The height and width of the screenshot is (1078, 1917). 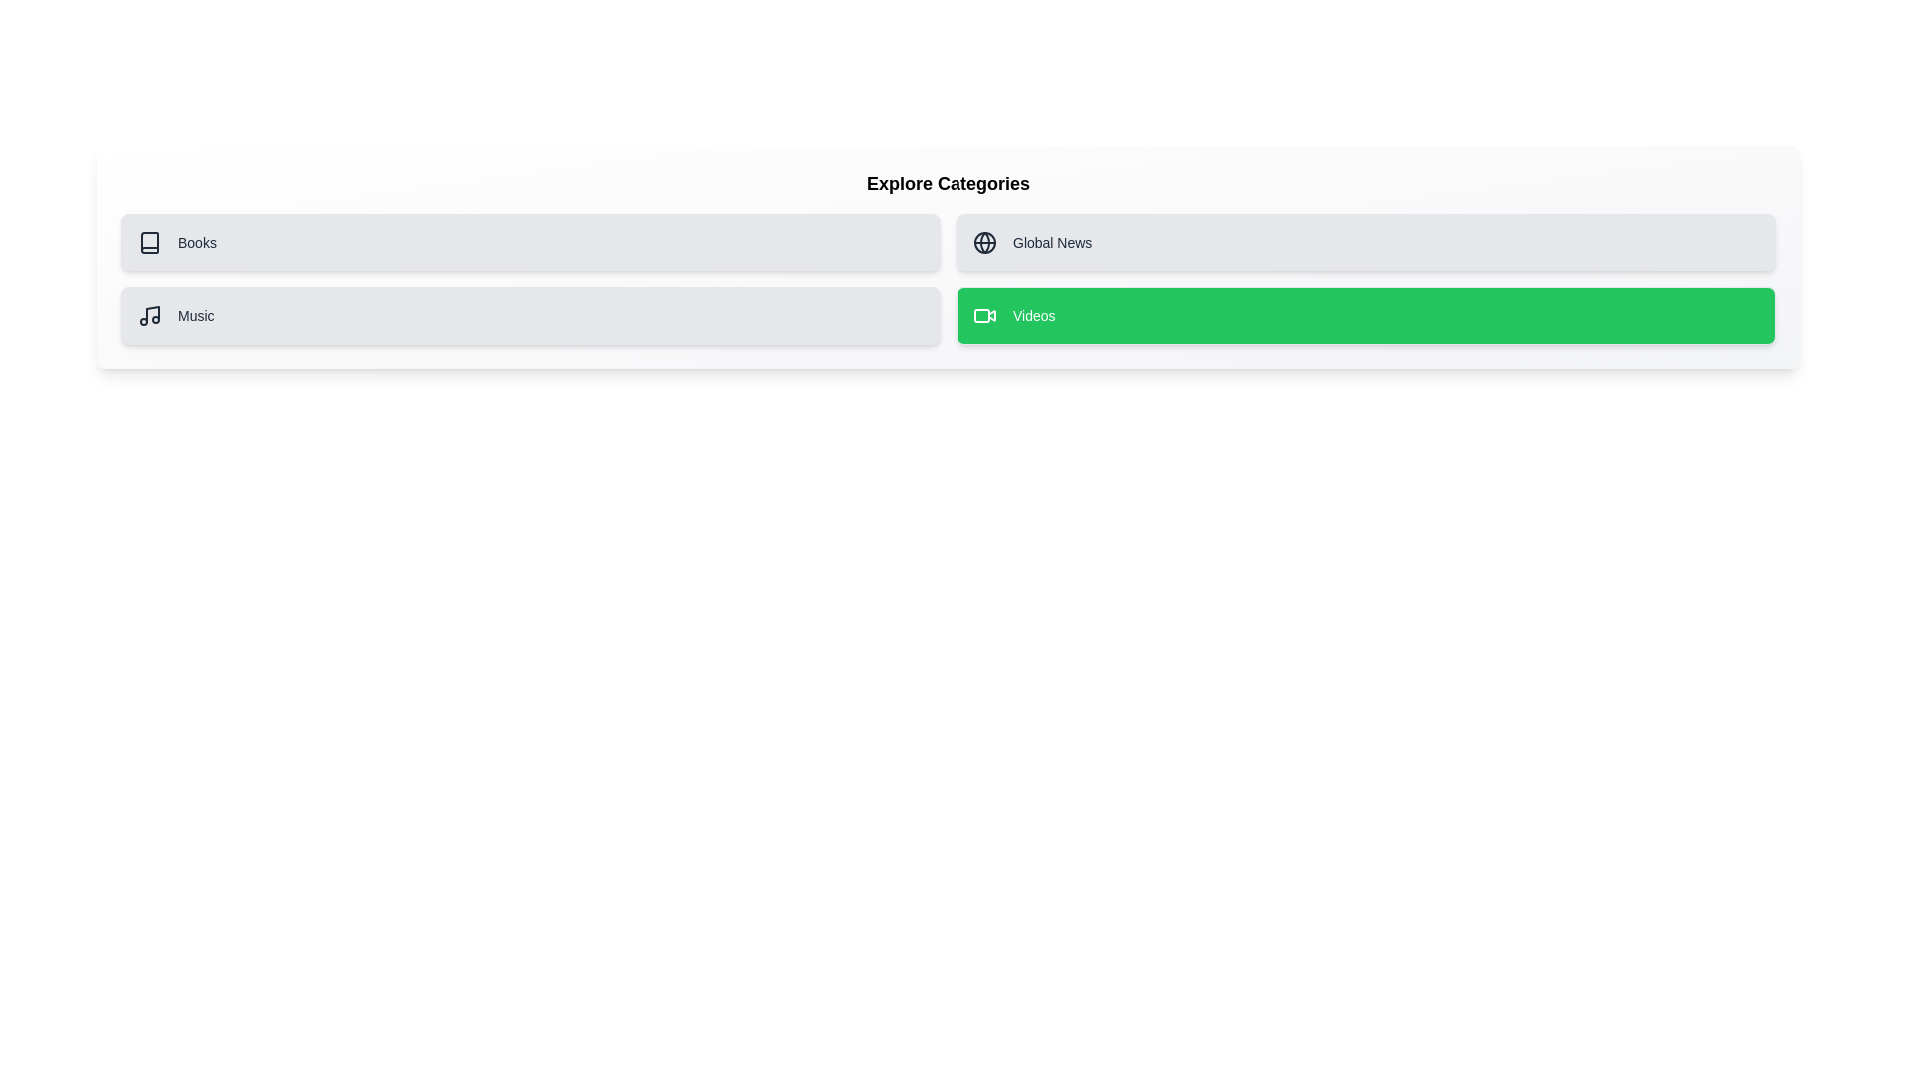 I want to click on the card labeled Global News, so click(x=1365, y=242).